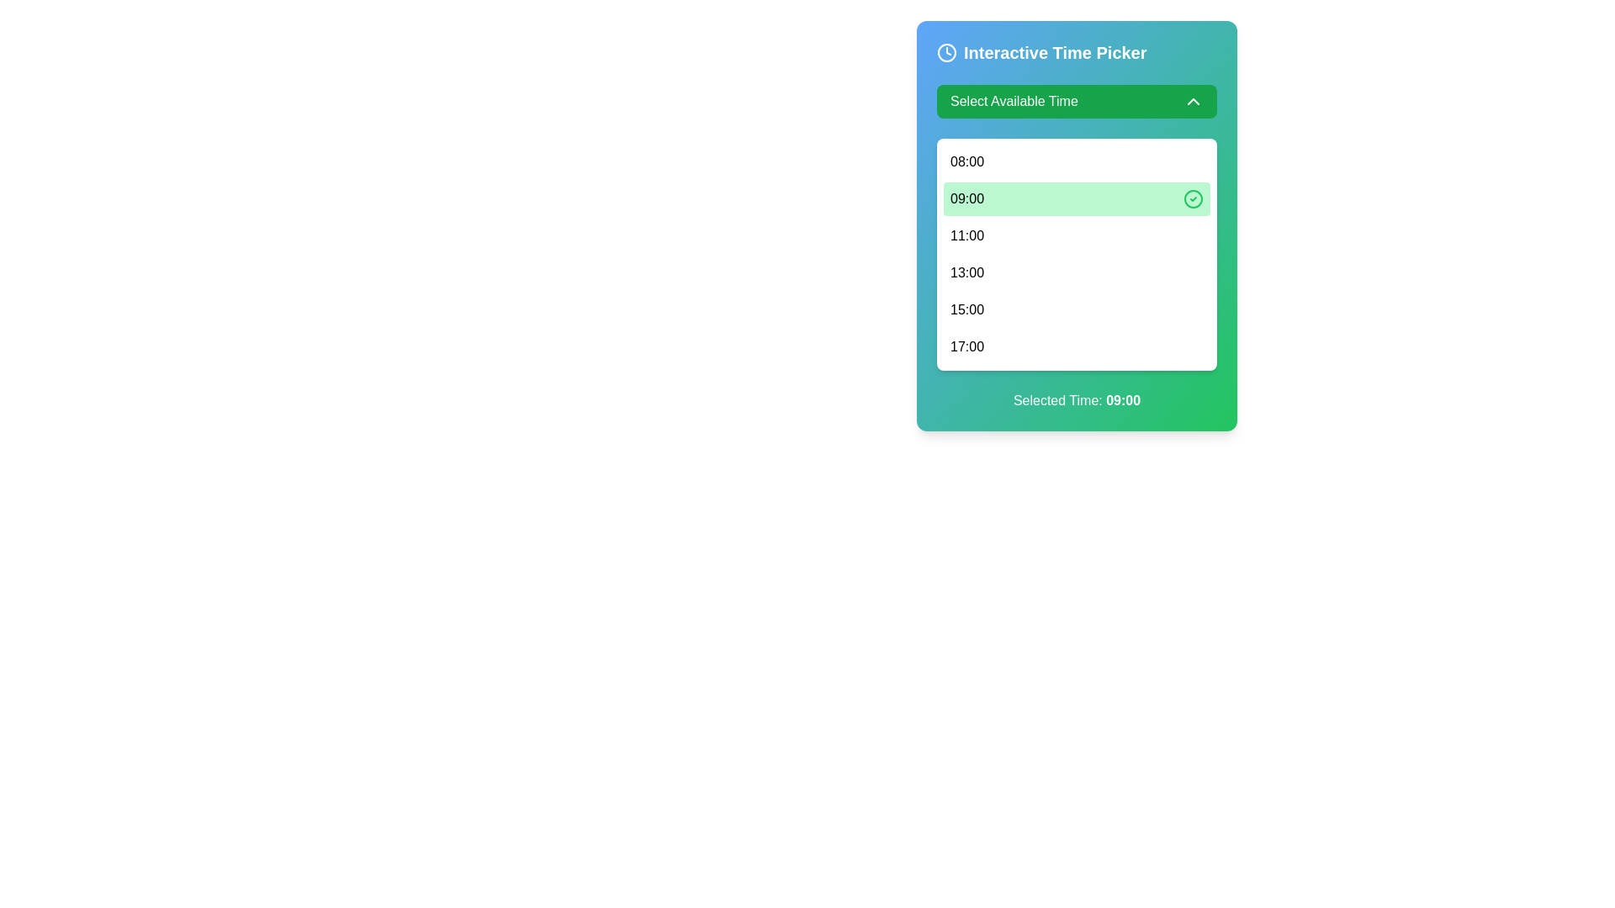  What do you see at coordinates (1123, 400) in the screenshot?
I see `time displayed in the Text Label that shows 'Selected Time: 09:00', located at the bottom of the time picker panel` at bounding box center [1123, 400].